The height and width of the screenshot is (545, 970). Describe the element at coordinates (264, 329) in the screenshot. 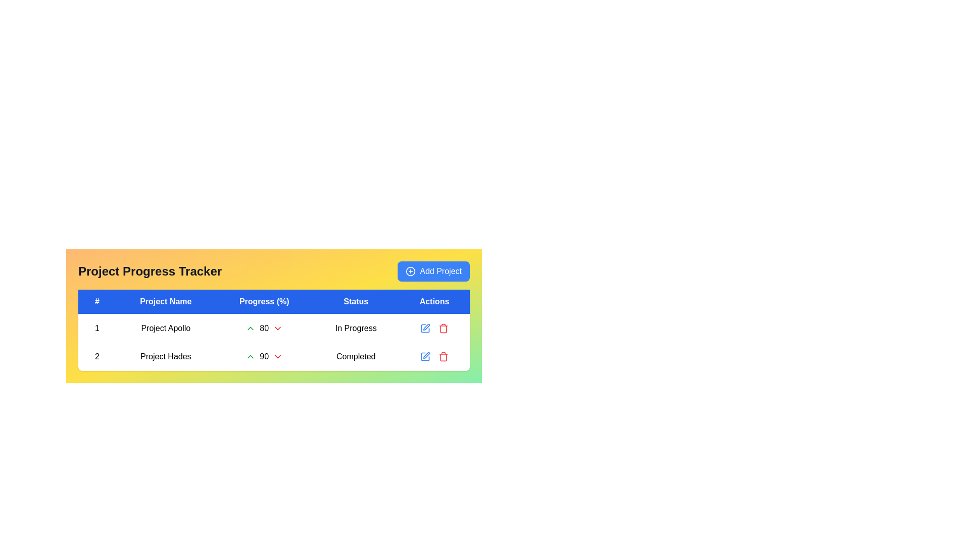

I see `the numeric value '80' displayed centrally between the upward green arrow and downward red arrow icons in the 'Progress (%)' column for 'Project Apollo'` at that location.